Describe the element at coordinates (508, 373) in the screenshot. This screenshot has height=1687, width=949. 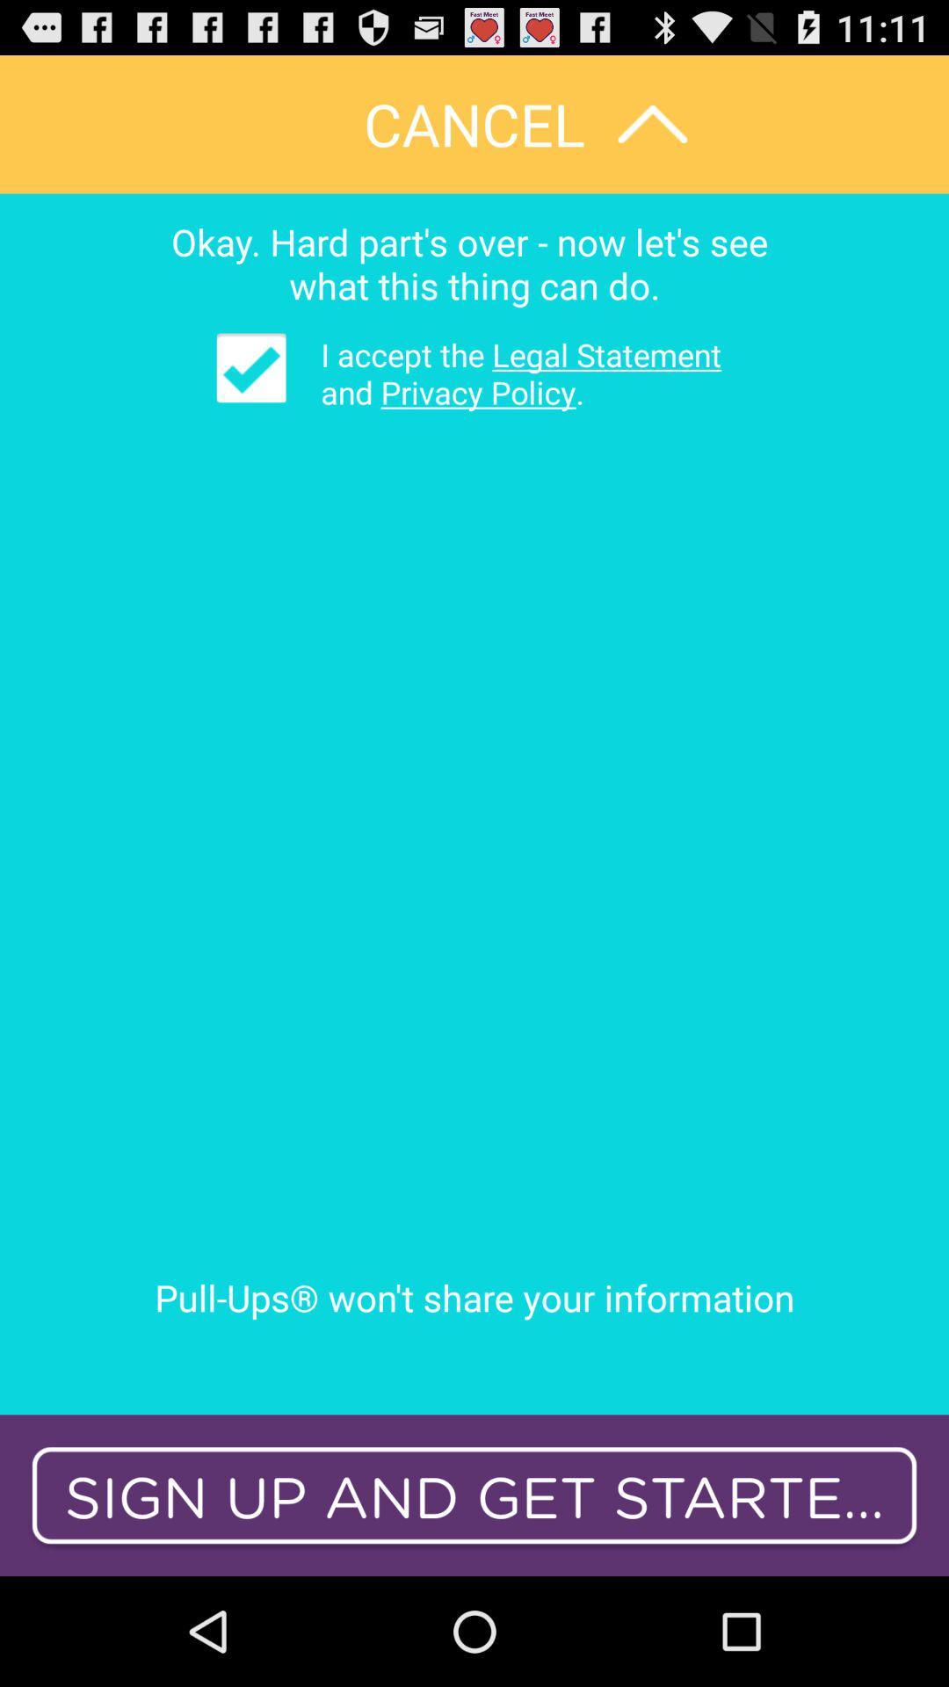
I see `item above the pull ups won app` at that location.